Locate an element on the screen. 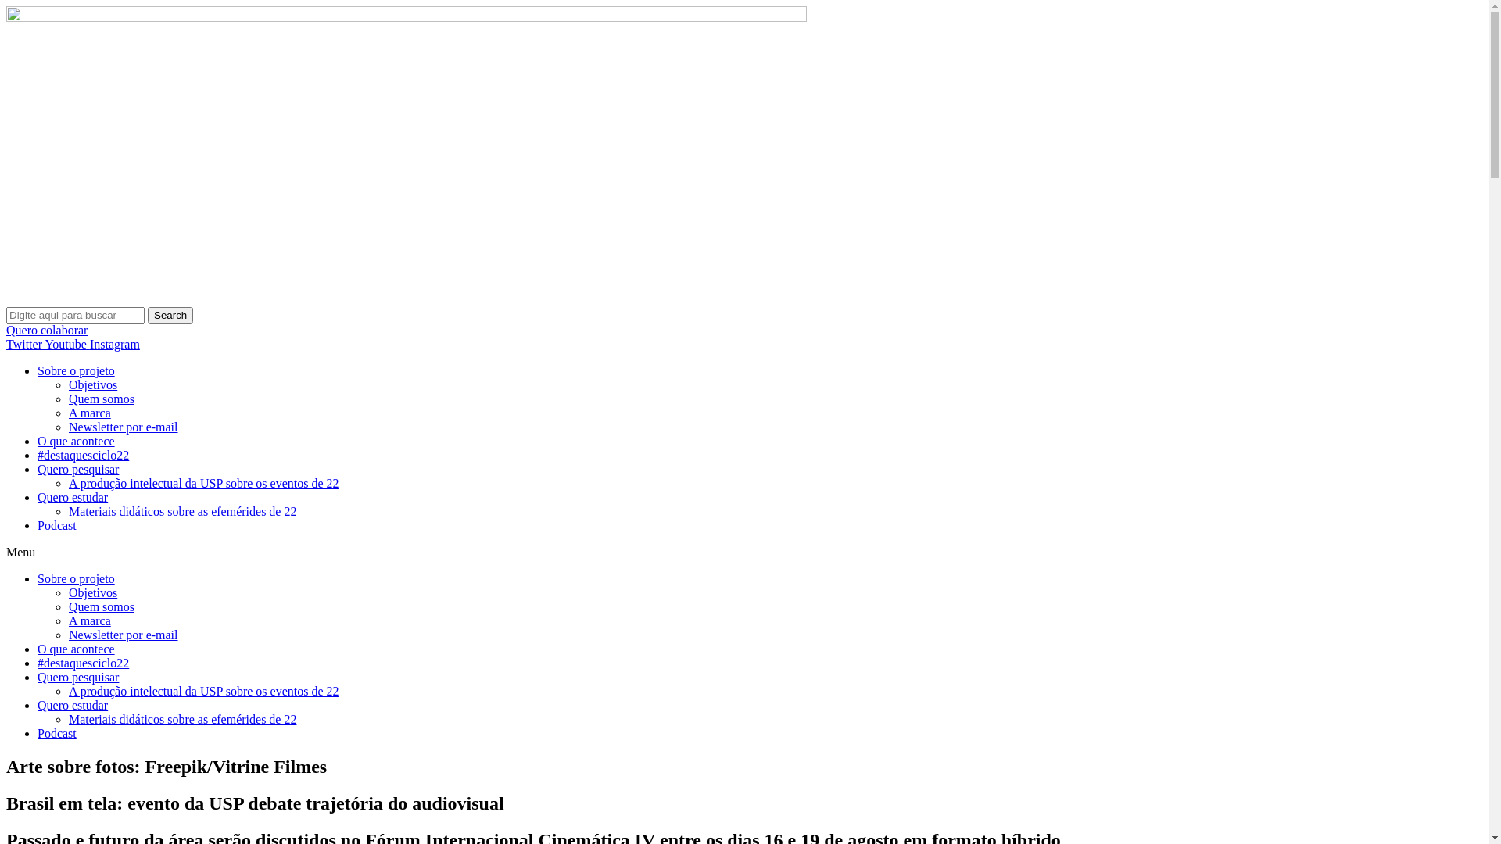 Image resolution: width=1501 pixels, height=844 pixels. 'Quero estudar' is located at coordinates (71, 497).